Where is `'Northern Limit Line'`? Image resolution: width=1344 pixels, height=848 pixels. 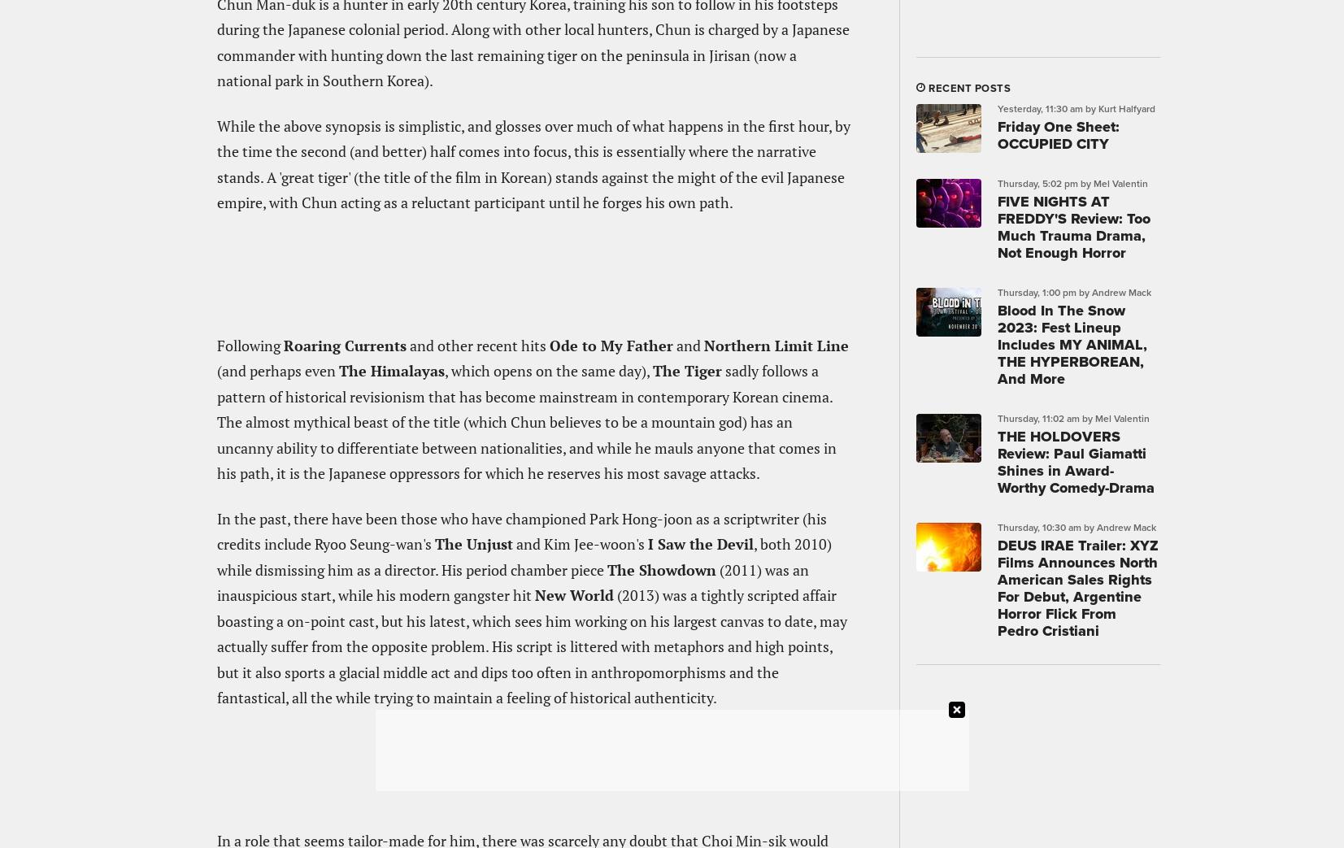 'Northern Limit Line' is located at coordinates (775, 344).